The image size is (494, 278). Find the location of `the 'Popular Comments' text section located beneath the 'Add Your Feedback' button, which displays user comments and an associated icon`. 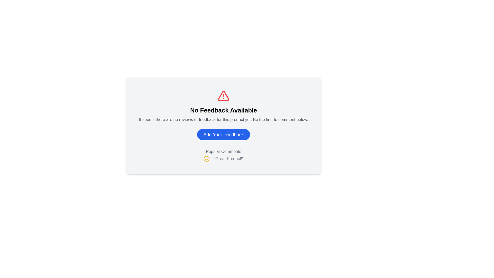

the 'Popular Comments' text section located beneath the 'Add Your Feedback' button, which displays user comments and an associated icon is located at coordinates (223, 155).